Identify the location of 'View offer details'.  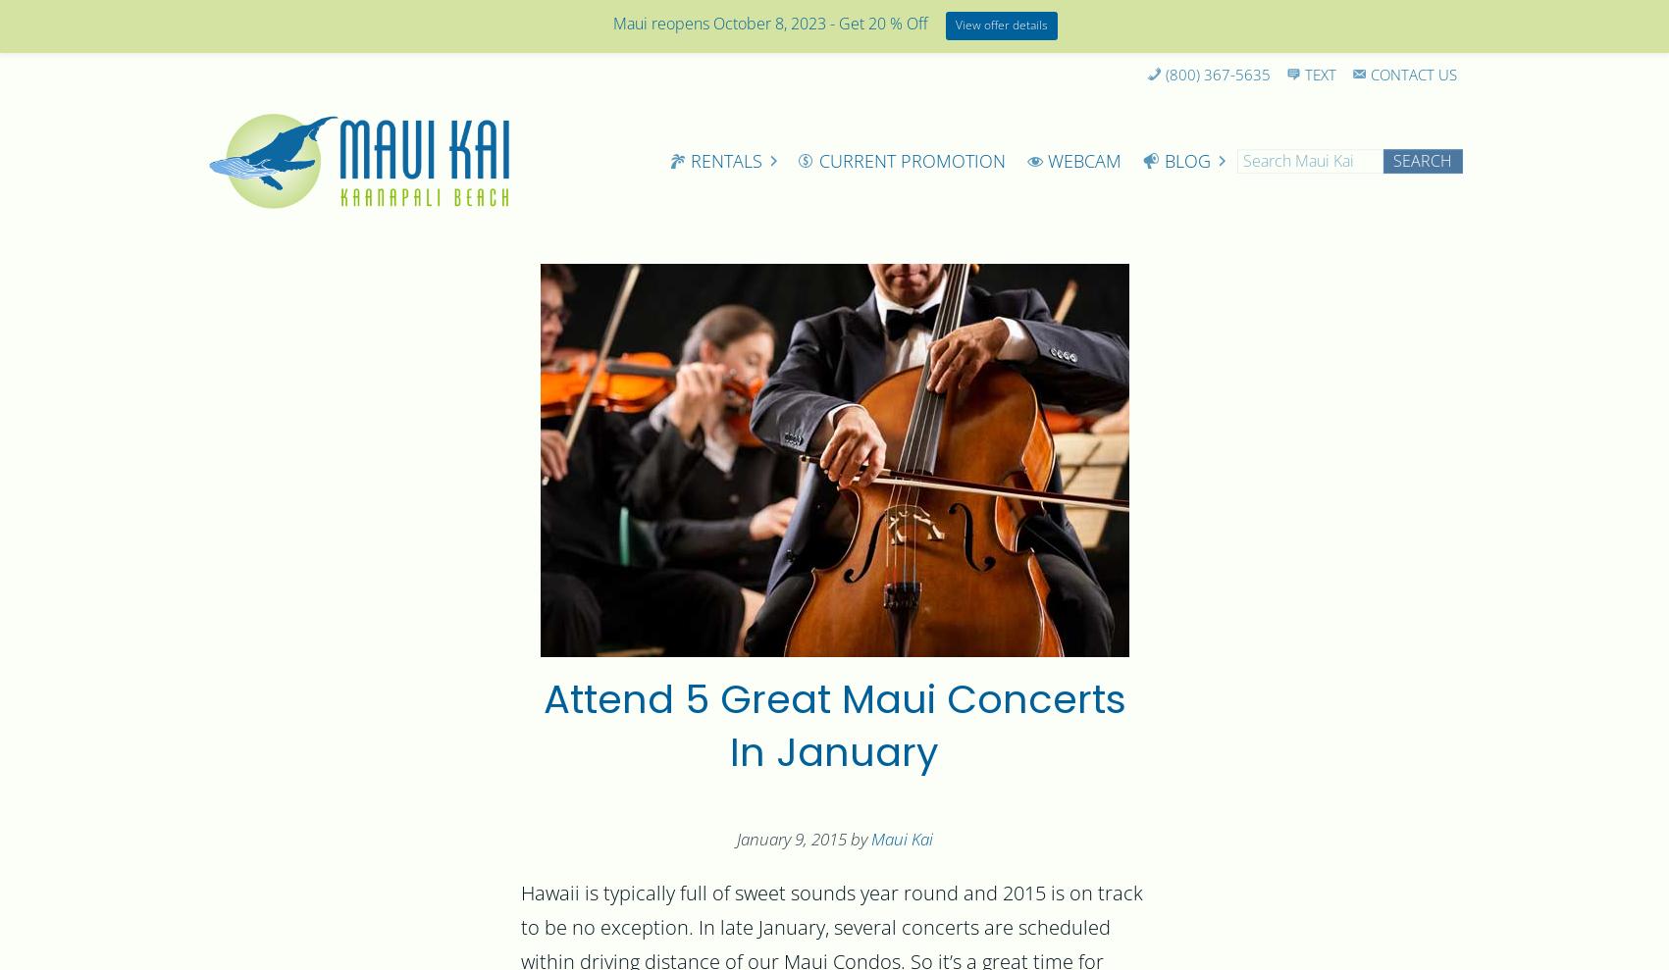
(1001, 24).